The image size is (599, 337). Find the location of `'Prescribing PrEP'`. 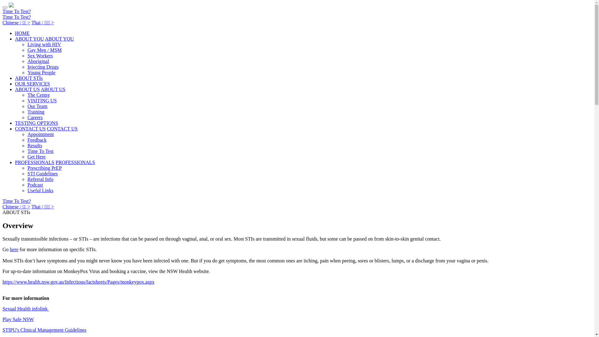

'Prescribing PrEP' is located at coordinates (44, 168).